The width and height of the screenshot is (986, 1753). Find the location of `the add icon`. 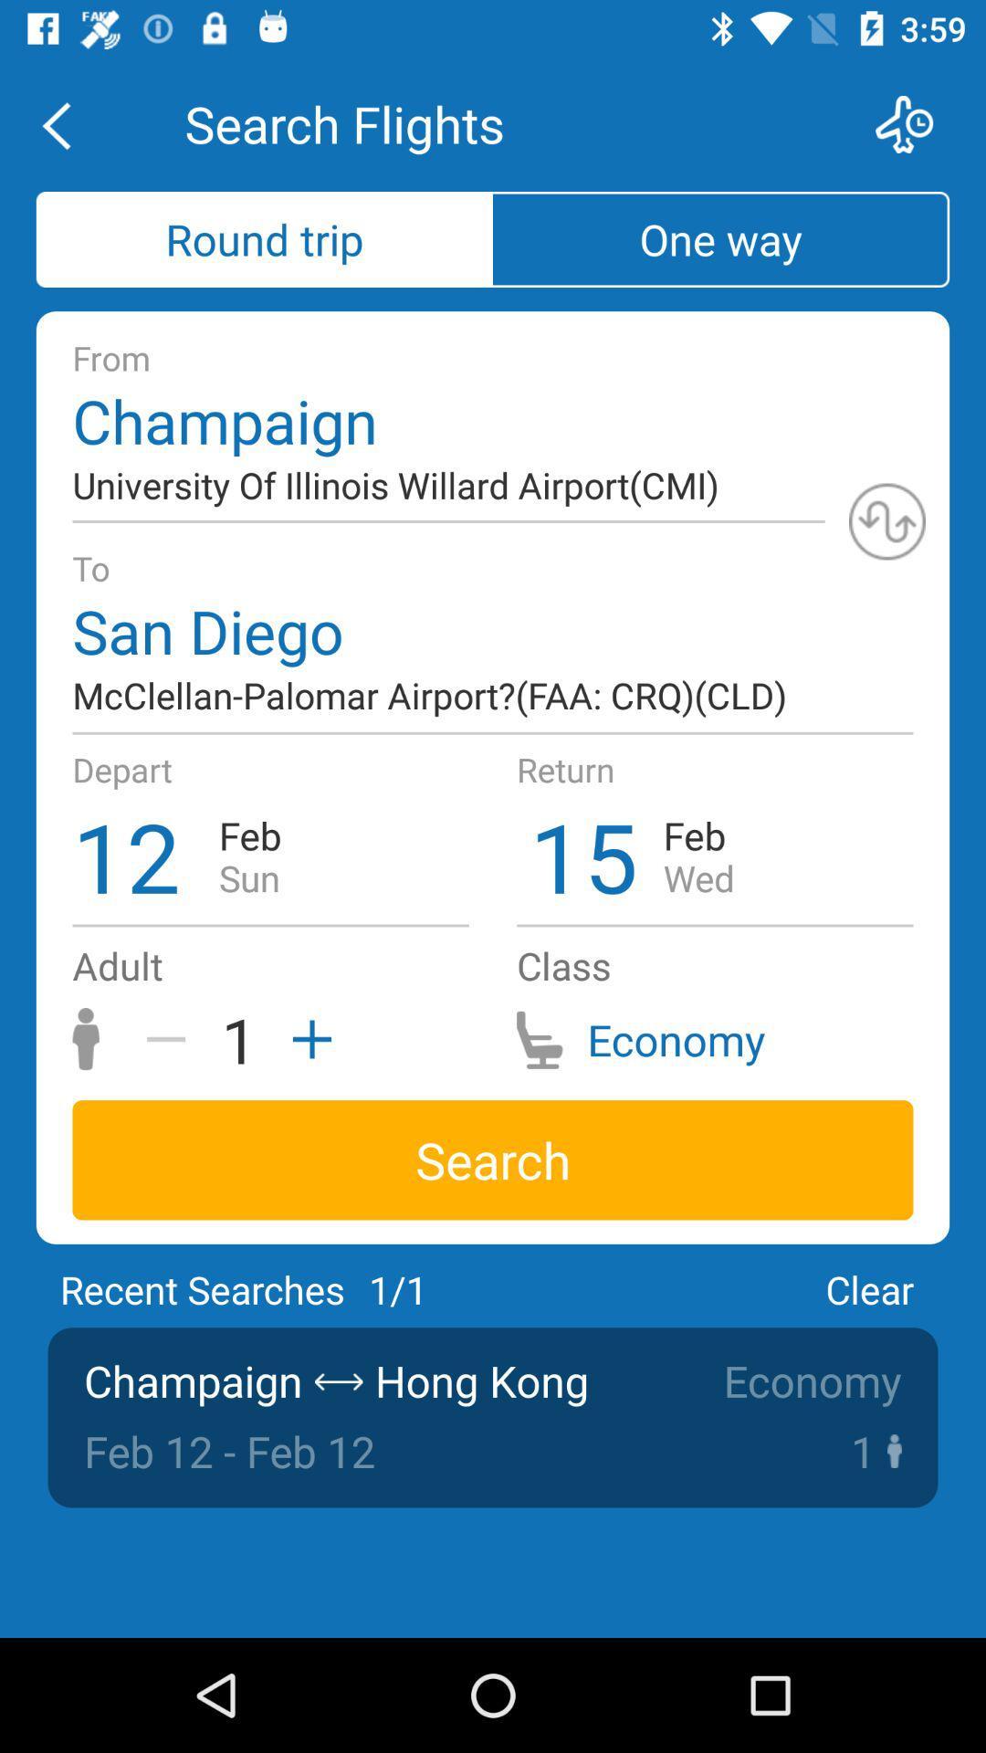

the add icon is located at coordinates (305, 1039).